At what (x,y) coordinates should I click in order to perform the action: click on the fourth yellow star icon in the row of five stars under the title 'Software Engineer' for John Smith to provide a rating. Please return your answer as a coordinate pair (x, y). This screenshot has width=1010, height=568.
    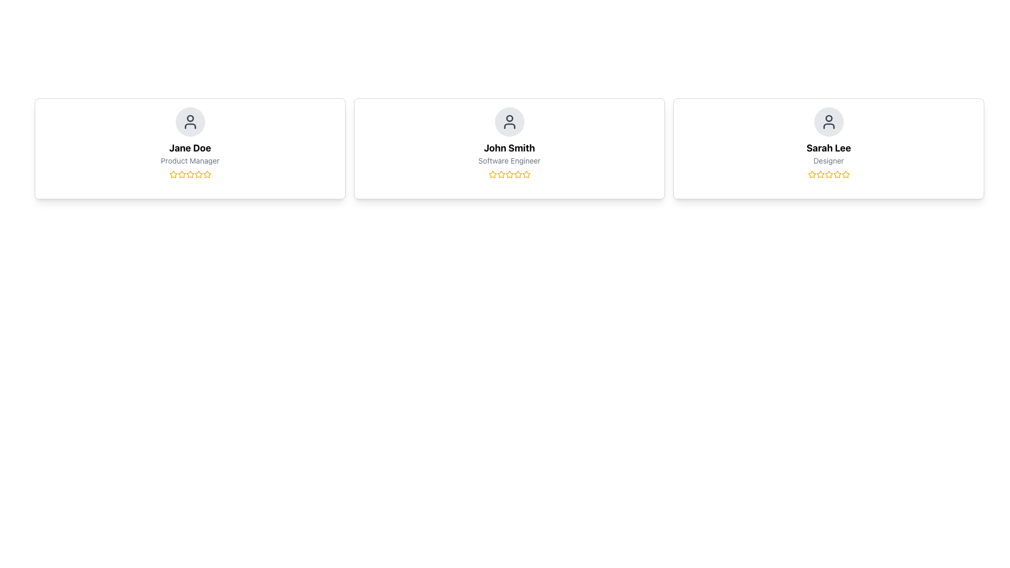
    Looking at the image, I should click on (509, 174).